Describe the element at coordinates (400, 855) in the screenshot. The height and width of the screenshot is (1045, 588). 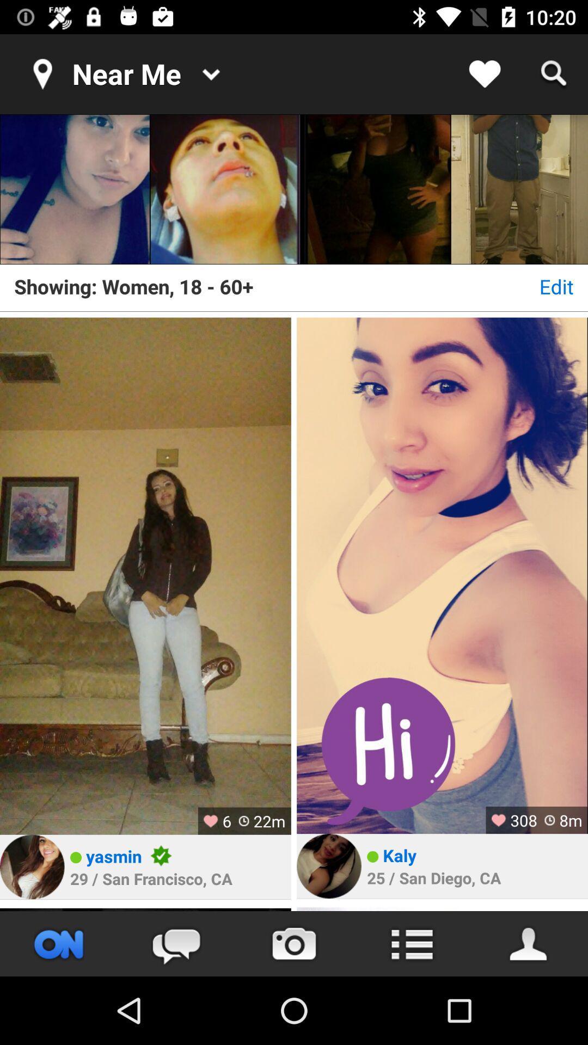
I see `item above the 25 san diego` at that location.